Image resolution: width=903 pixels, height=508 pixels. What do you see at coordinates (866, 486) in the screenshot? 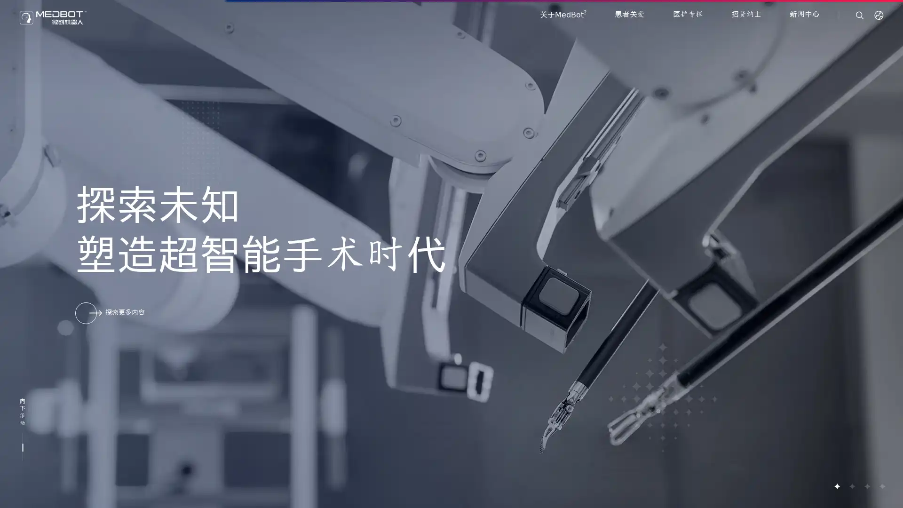
I see `Go to slide 3` at bounding box center [866, 486].